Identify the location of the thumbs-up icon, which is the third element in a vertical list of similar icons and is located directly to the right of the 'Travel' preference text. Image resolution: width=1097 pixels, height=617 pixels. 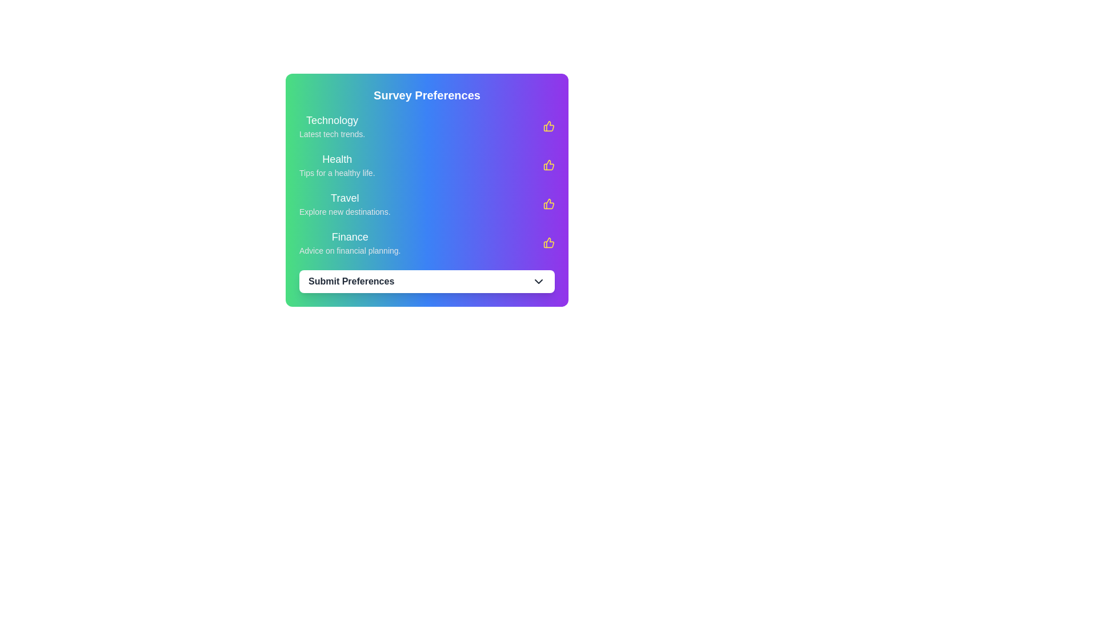
(539, 203).